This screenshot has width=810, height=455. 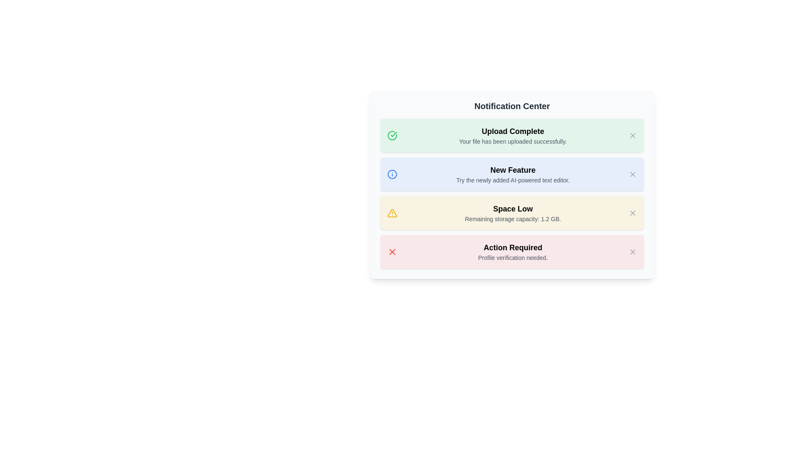 I want to click on the slanted line of the 'X' icon that represents a close or cancel action, specifically the line from the top-right to bottom-left, so click(x=632, y=212).